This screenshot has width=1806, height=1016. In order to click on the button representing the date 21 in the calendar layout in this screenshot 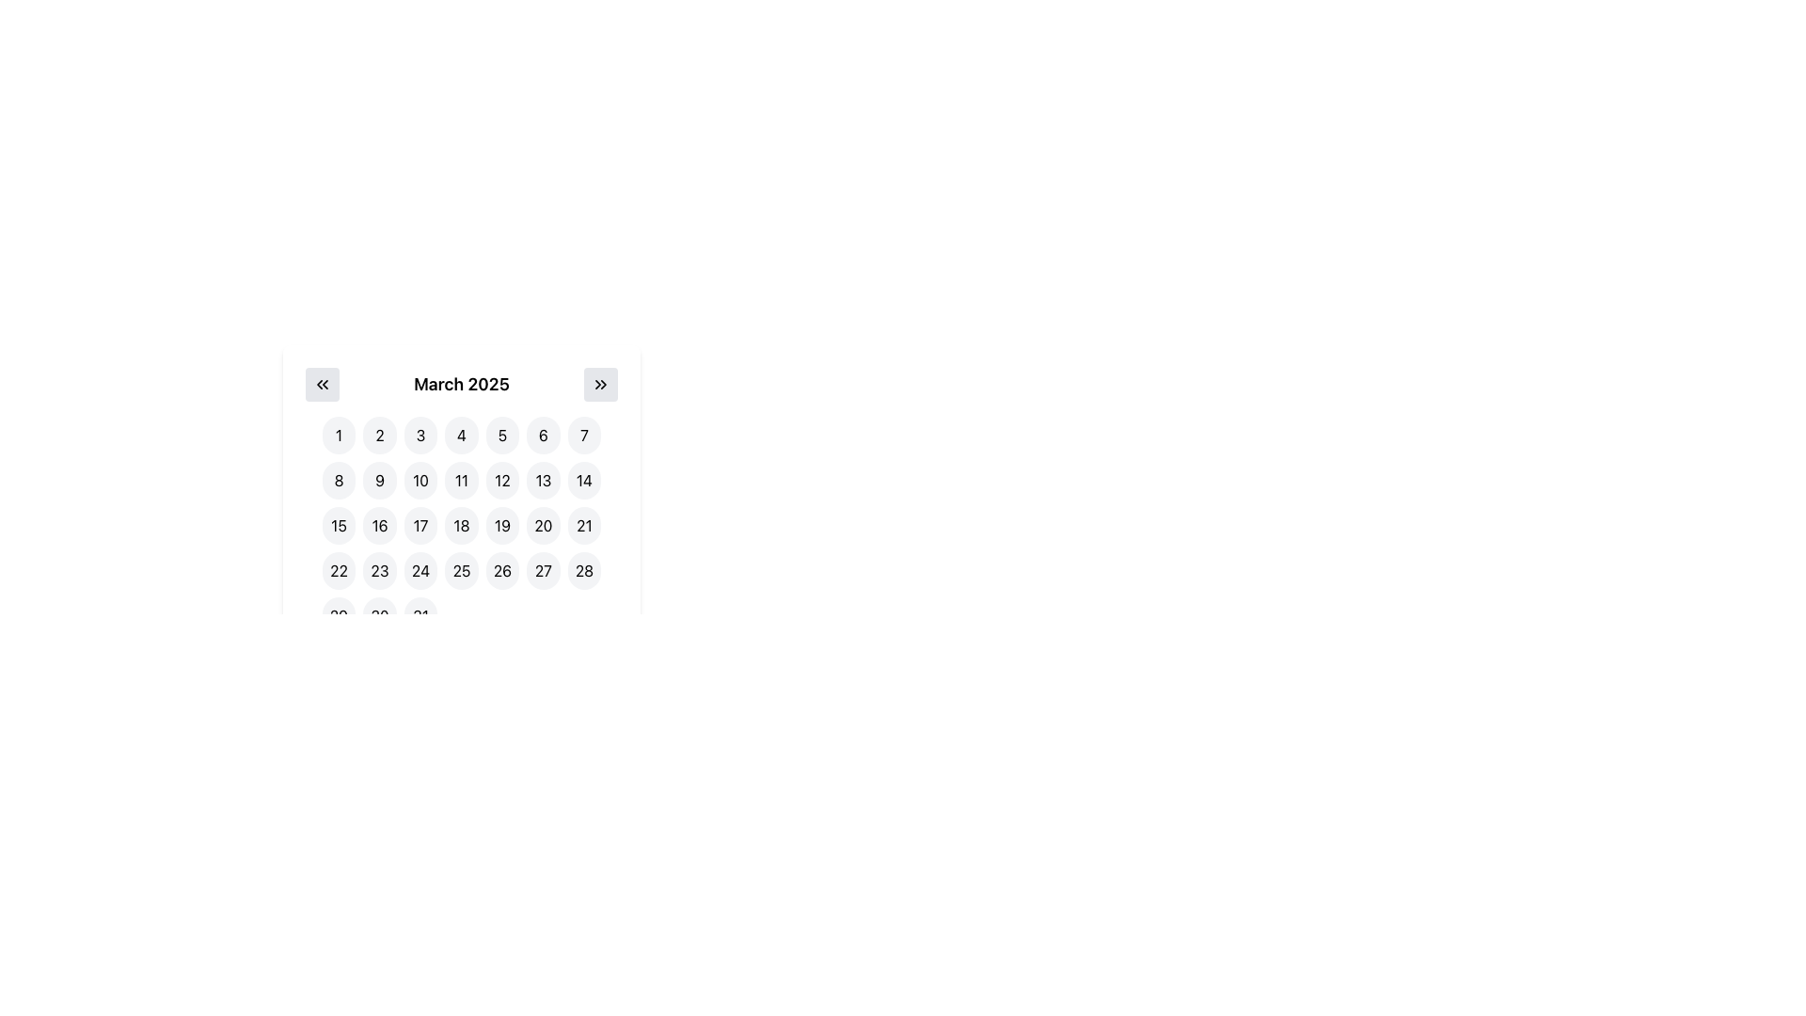, I will do `click(583, 526)`.